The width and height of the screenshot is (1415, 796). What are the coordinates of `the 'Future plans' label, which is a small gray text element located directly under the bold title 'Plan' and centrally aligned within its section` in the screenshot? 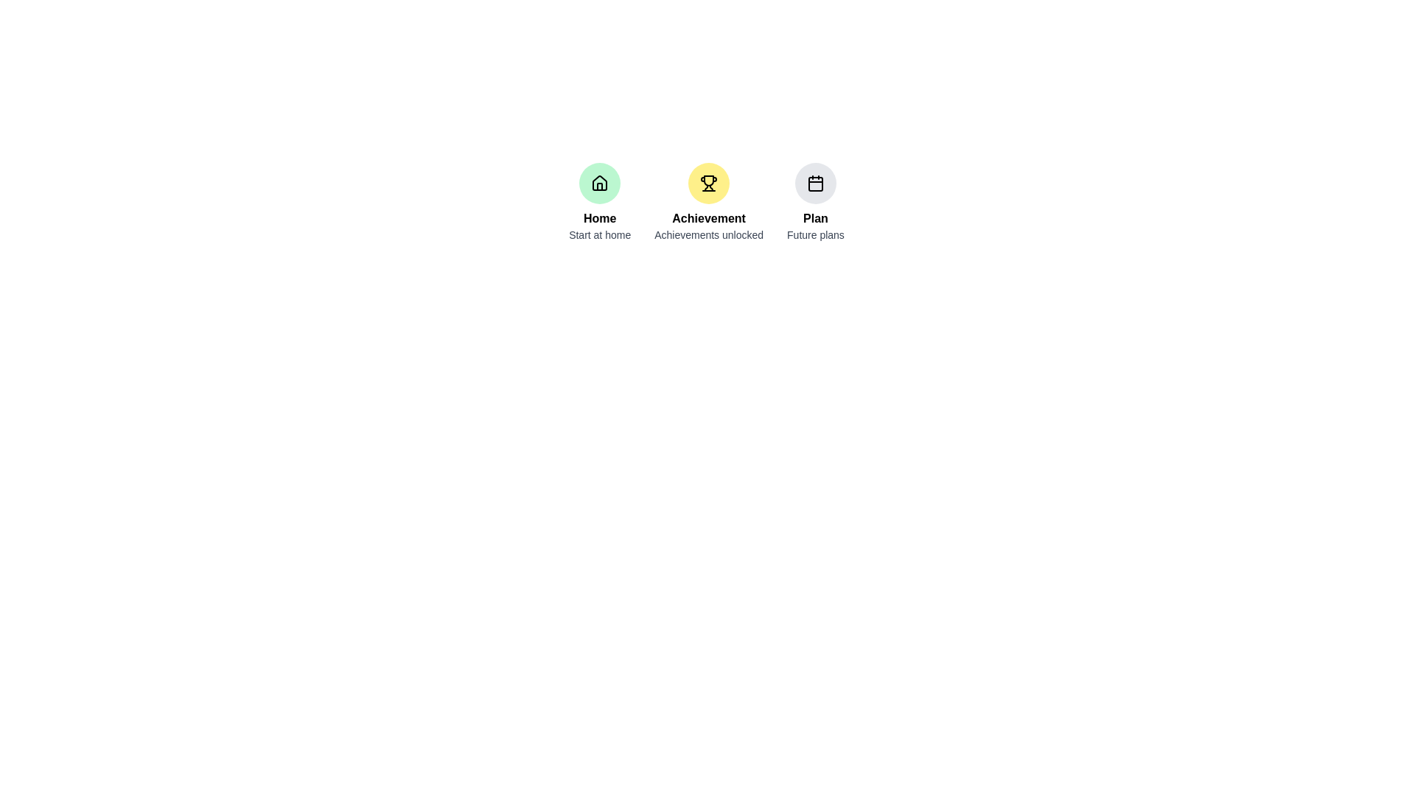 It's located at (814, 234).